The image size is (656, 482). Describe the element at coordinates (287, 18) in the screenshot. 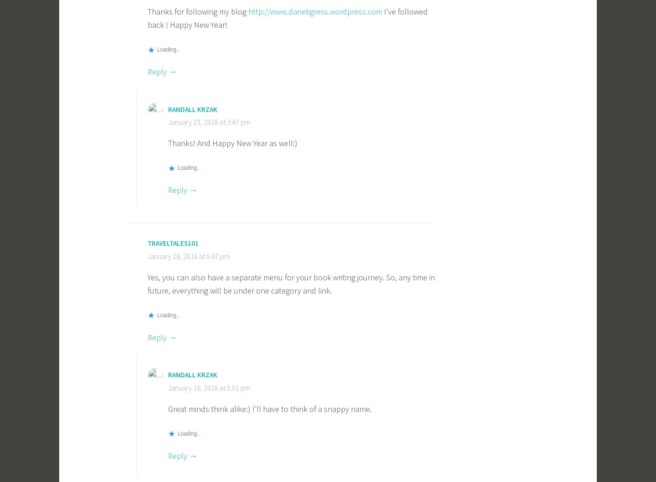

I see `'I’ve followed back ! Happy New Year!'` at that location.